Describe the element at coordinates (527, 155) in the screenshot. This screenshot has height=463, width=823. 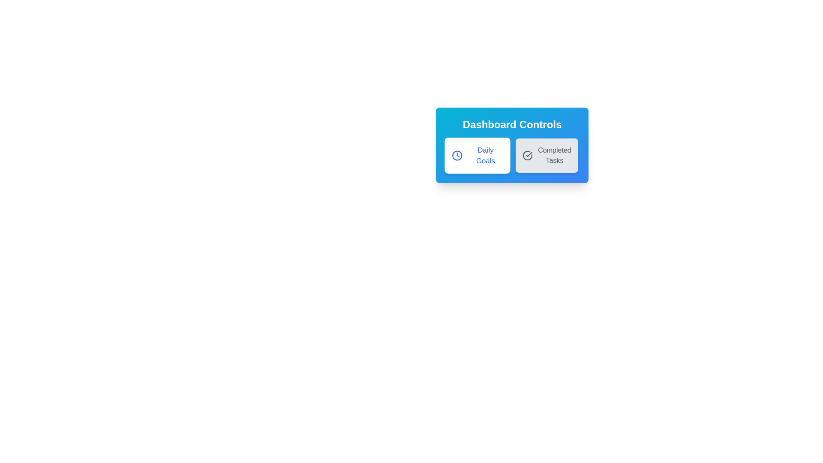
I see `the circular check icon with a checkmark inside, which is positioned to the left of the 'Completed Tasks' button` at that location.